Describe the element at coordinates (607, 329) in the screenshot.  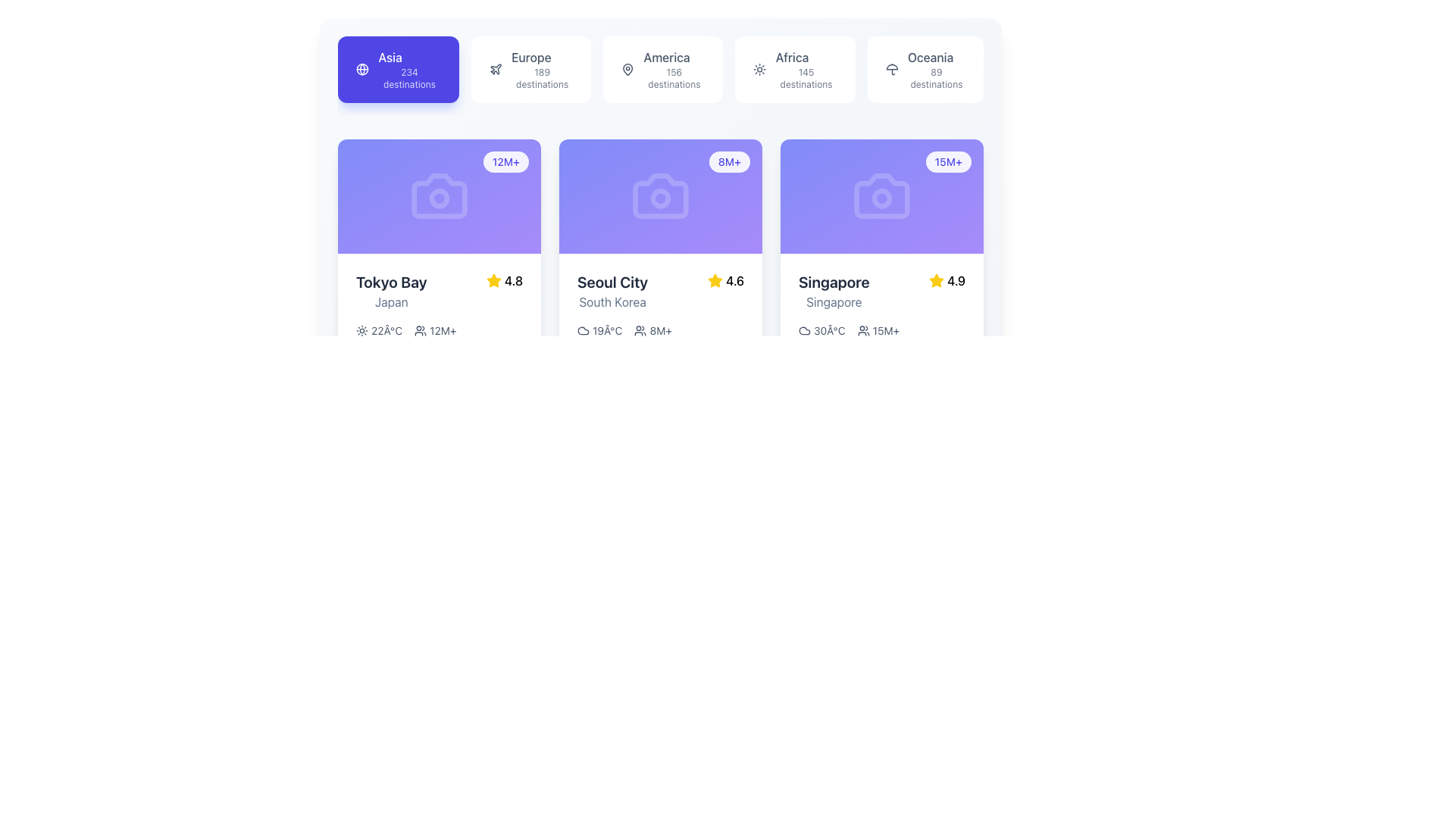
I see `temperature value displayed in the Text Label element showing '19°C', which is located under the 'Seoul City' card in the middle column of the interface` at that location.